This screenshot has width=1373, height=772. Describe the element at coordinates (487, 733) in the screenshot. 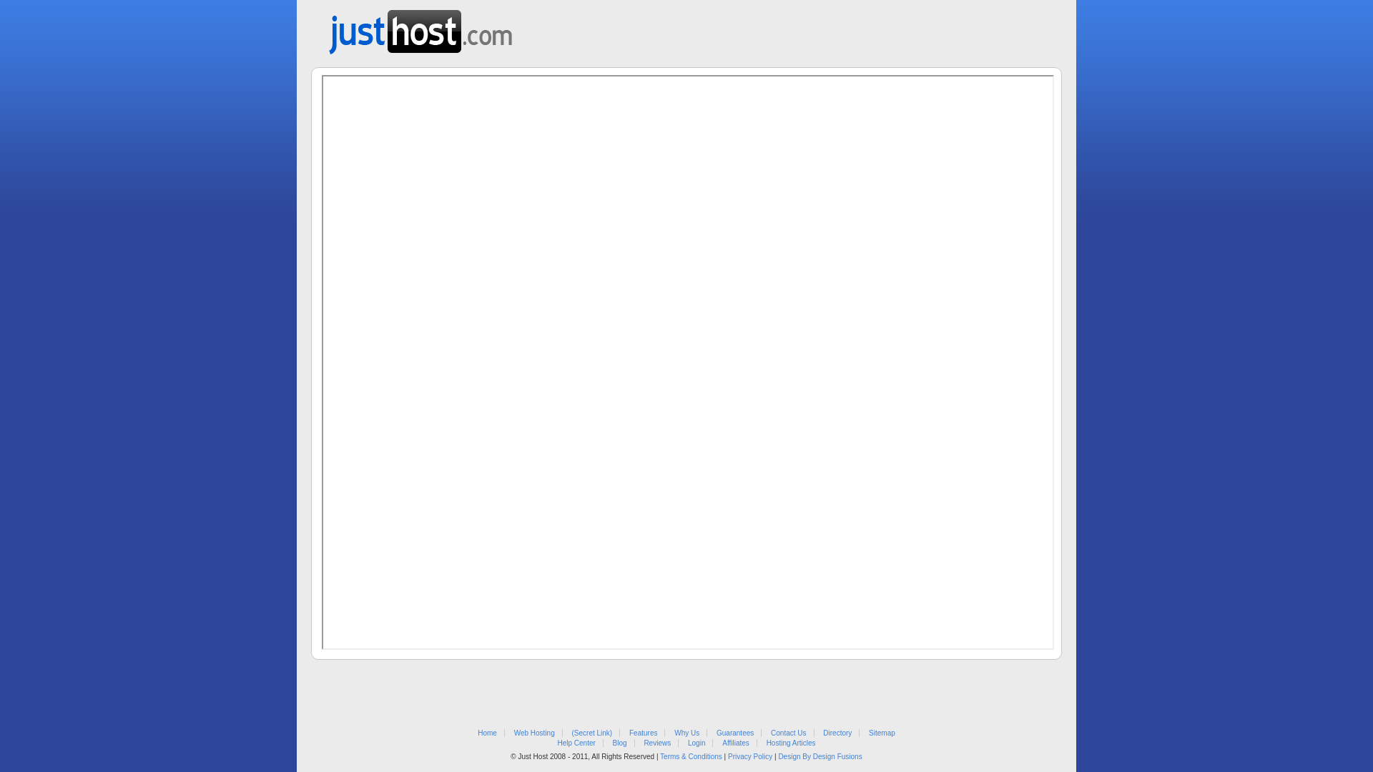

I see `'Home'` at that location.